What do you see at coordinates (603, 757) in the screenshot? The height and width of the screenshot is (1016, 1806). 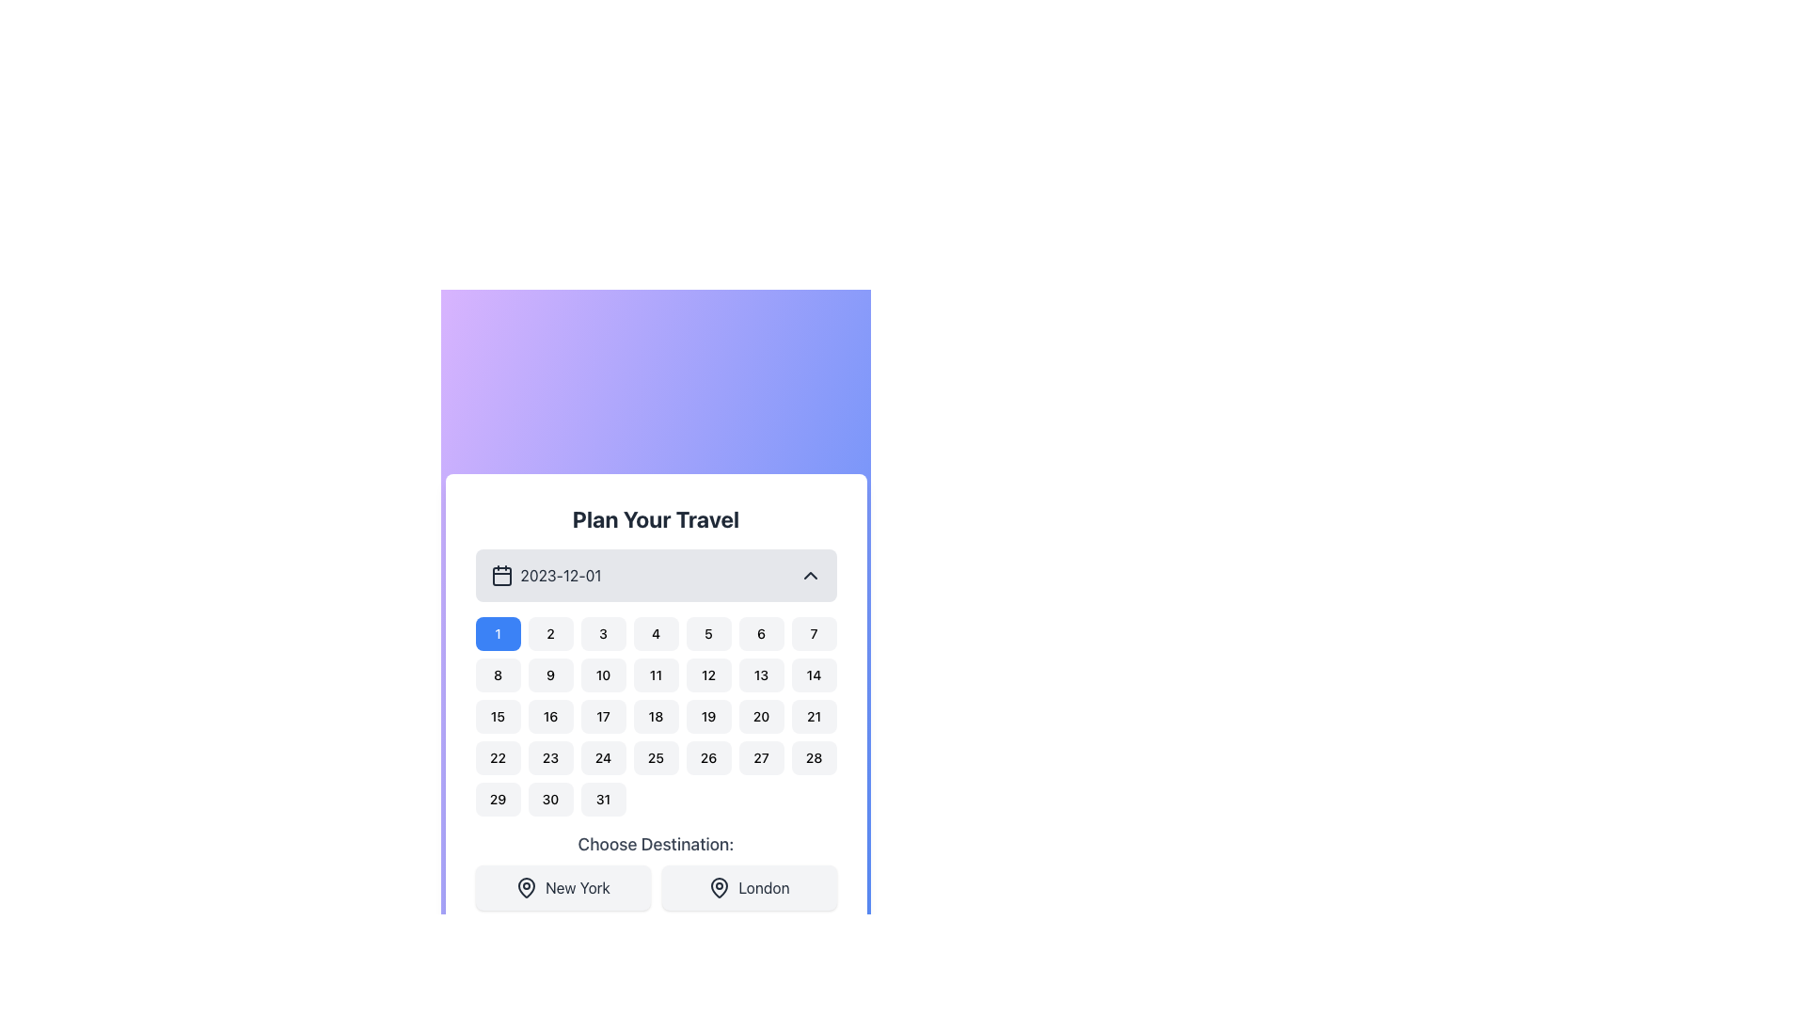 I see `the button representing the 24th day in the calendar grid` at bounding box center [603, 757].